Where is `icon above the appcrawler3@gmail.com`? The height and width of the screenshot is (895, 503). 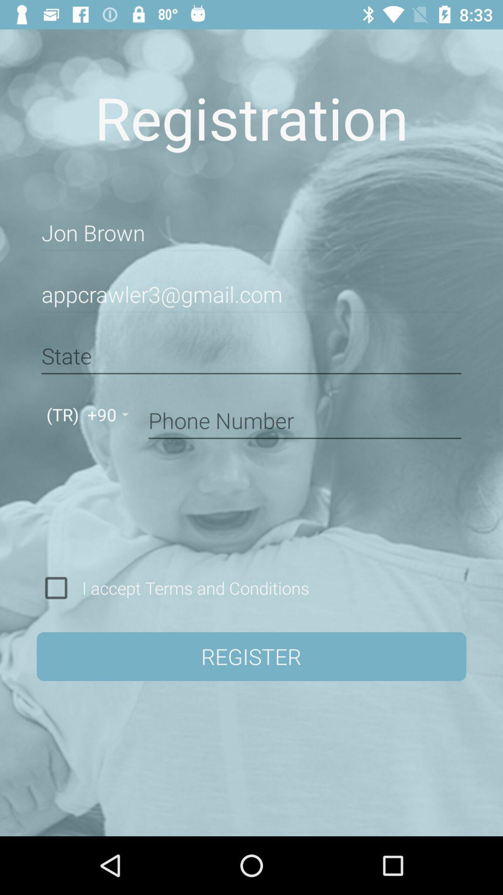
icon above the appcrawler3@gmail.com is located at coordinates (251, 233).